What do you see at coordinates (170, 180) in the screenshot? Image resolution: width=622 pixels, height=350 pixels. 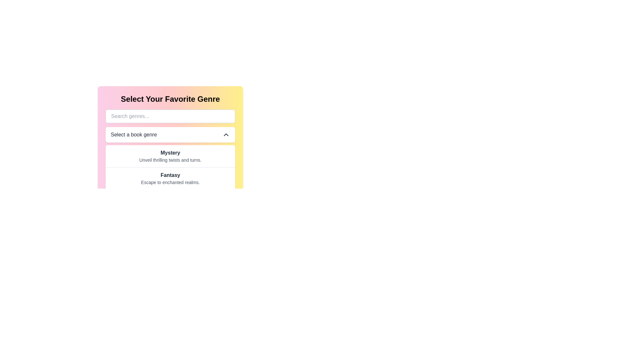 I see `the 'Fantasy' option in the dropdown list` at bounding box center [170, 180].